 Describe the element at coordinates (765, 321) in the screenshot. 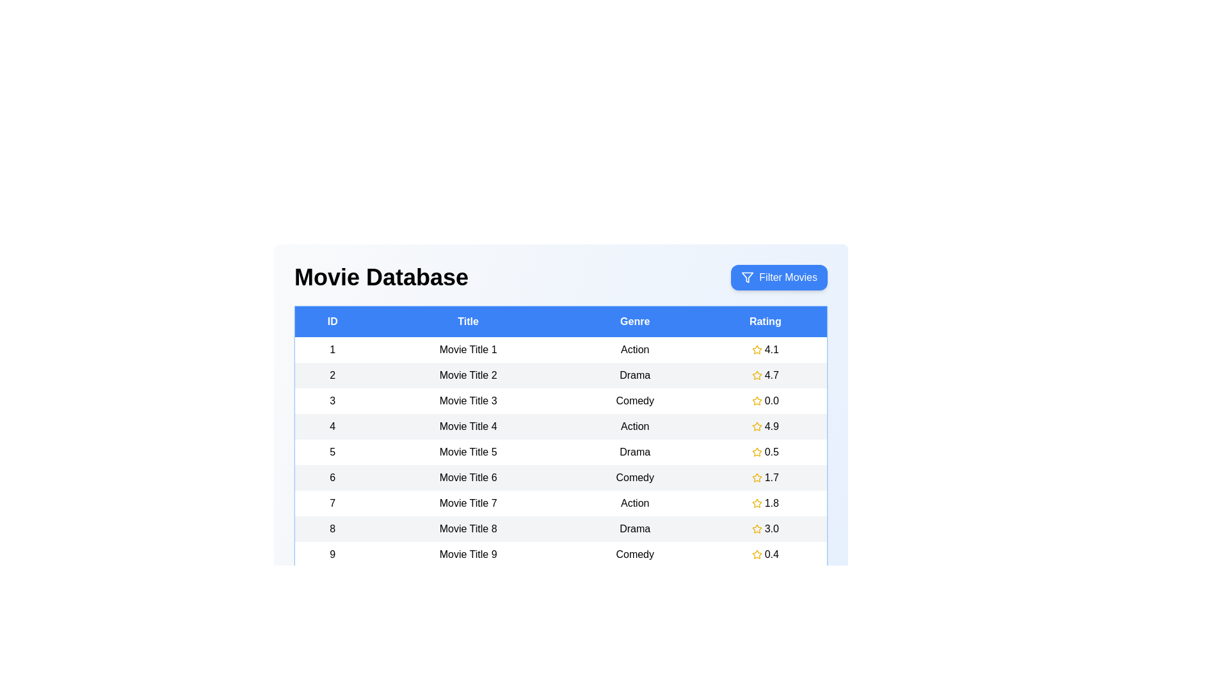

I see `the column header to sort the table by Rating` at that location.